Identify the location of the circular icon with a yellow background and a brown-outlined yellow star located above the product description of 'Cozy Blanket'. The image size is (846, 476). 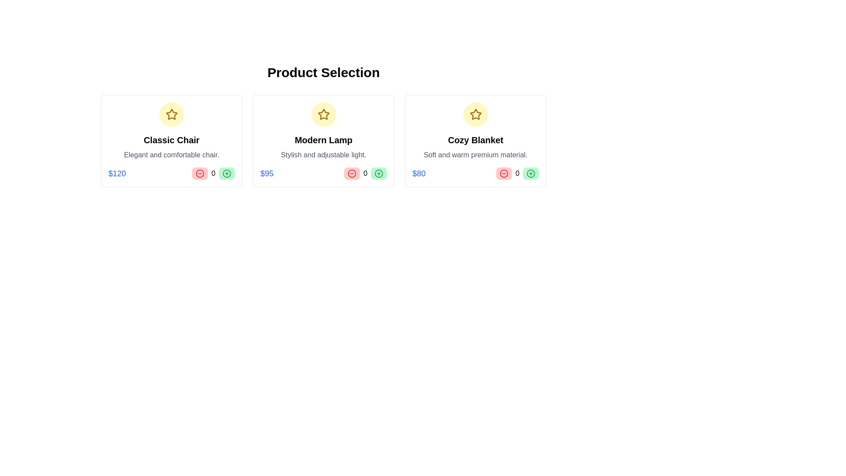
(475, 114).